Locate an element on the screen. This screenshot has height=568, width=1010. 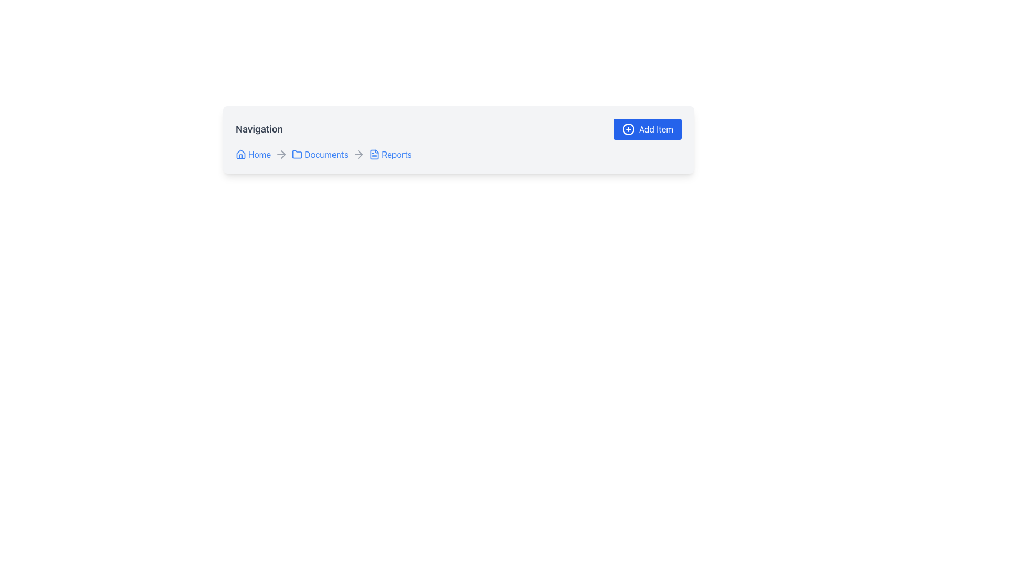
the 'Add Item' button located in the top-right corner of the header section is located at coordinates (647, 129).